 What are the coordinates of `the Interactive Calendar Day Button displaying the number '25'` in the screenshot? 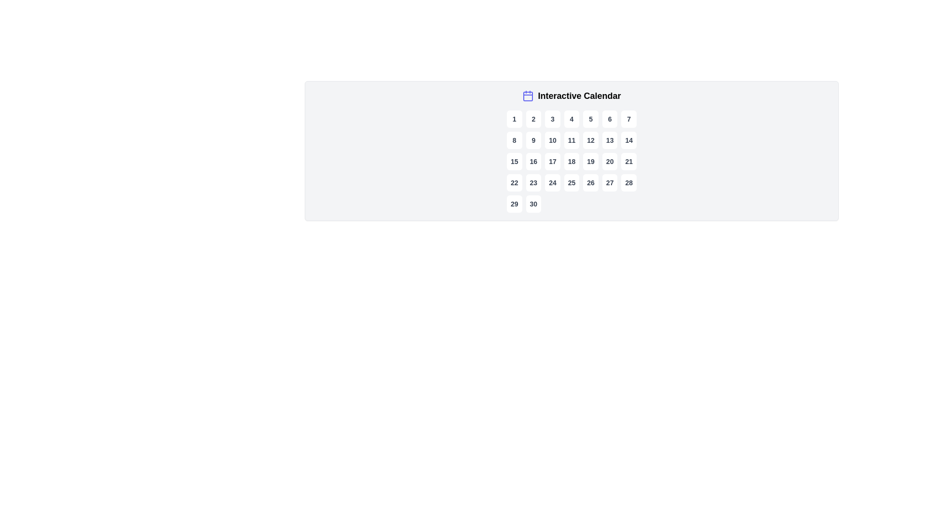 It's located at (572, 182).